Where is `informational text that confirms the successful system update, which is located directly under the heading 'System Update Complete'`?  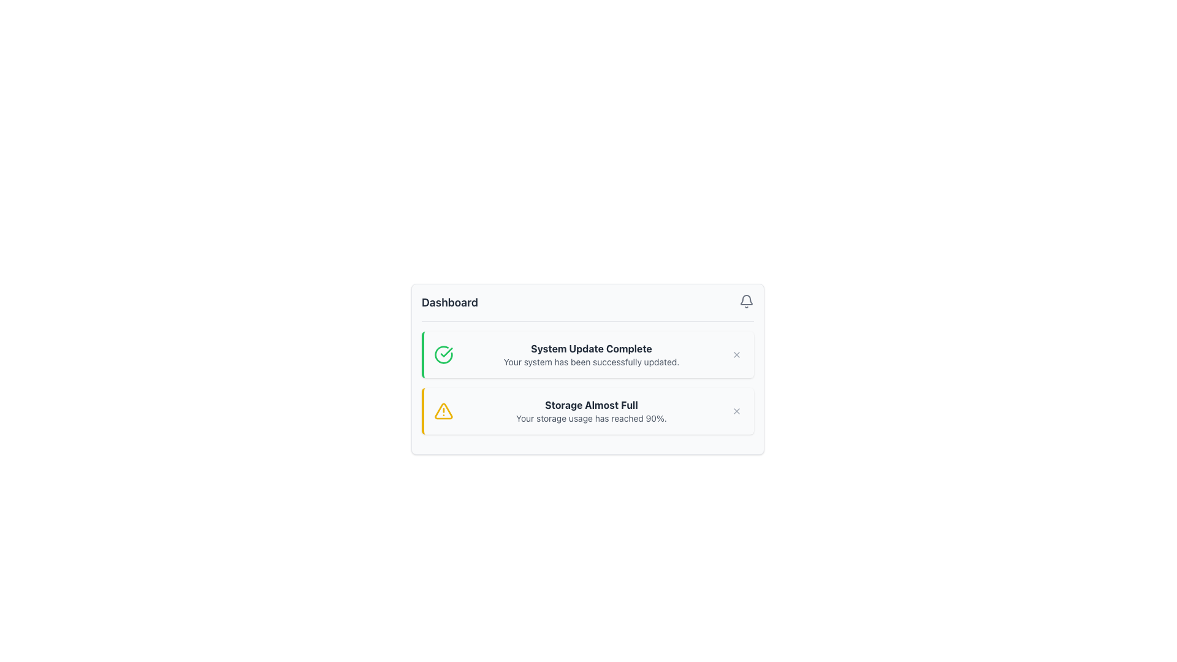
informational text that confirms the successful system update, which is located directly under the heading 'System Update Complete' is located at coordinates (591, 361).